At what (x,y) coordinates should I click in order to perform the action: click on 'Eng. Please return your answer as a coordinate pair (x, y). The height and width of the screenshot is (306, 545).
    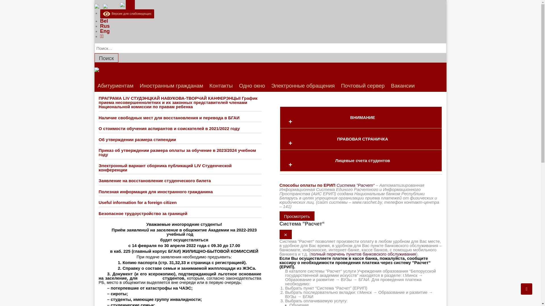
    Looking at the image, I should click on (105, 31).